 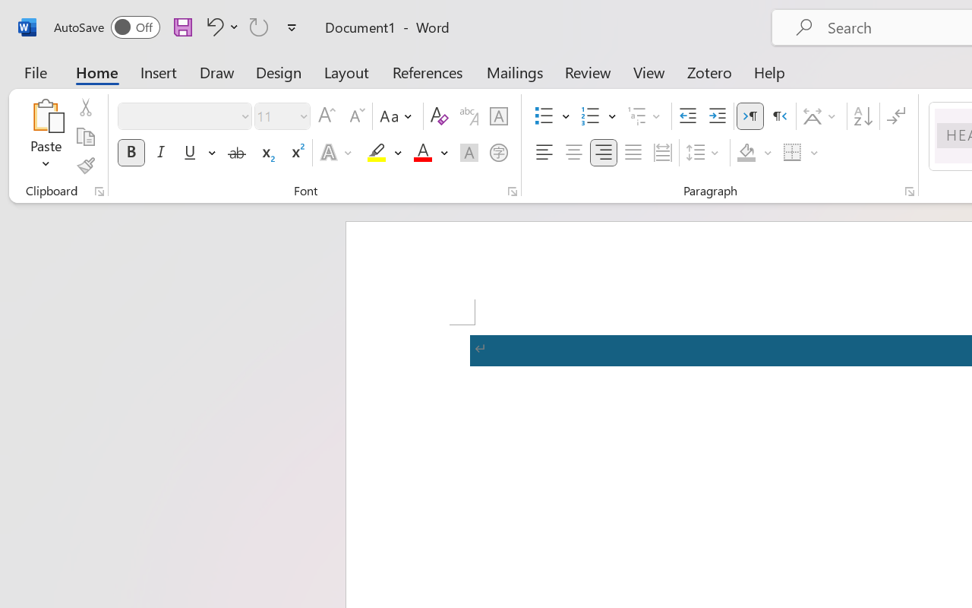 I want to click on 'Left-to-Right', so click(x=750, y=116).